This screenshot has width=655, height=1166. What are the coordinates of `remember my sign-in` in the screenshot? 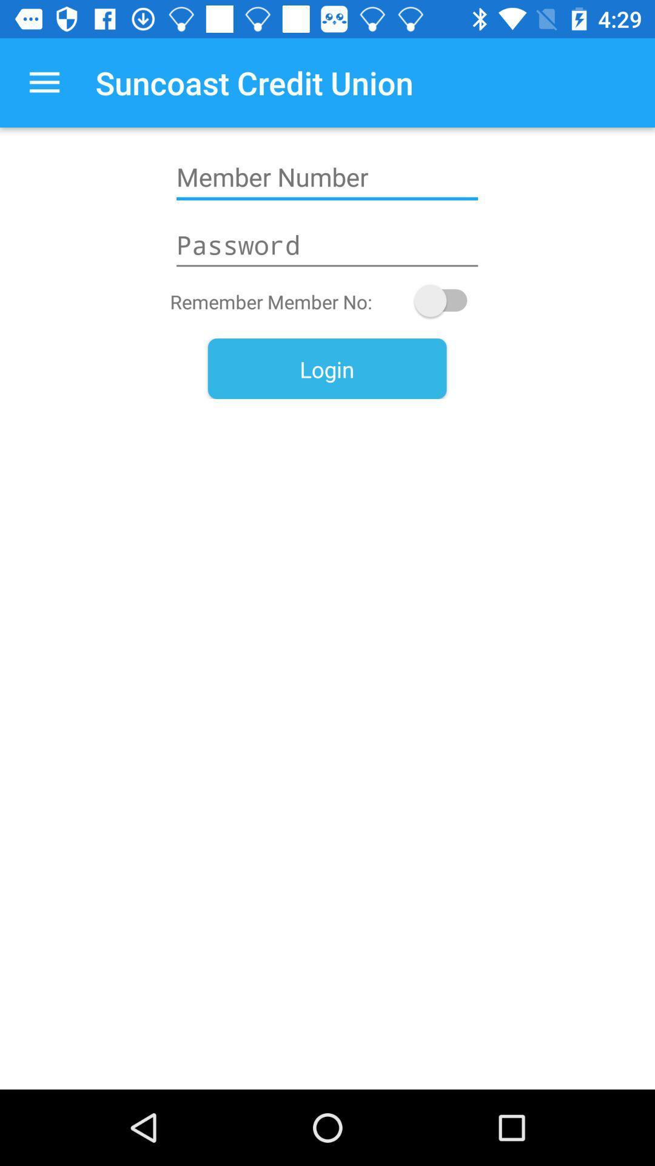 It's located at (446, 301).